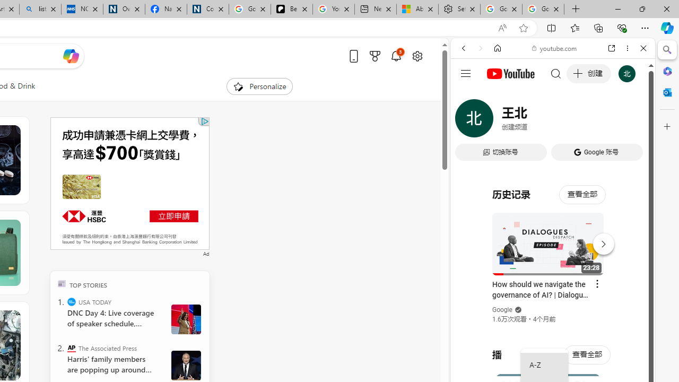 Image resolution: width=679 pixels, height=382 pixels. Describe the element at coordinates (416, 9) in the screenshot. I see `'Aberdeen, Hong Kong SAR hourly forecast | Microsoft Weather'` at that location.